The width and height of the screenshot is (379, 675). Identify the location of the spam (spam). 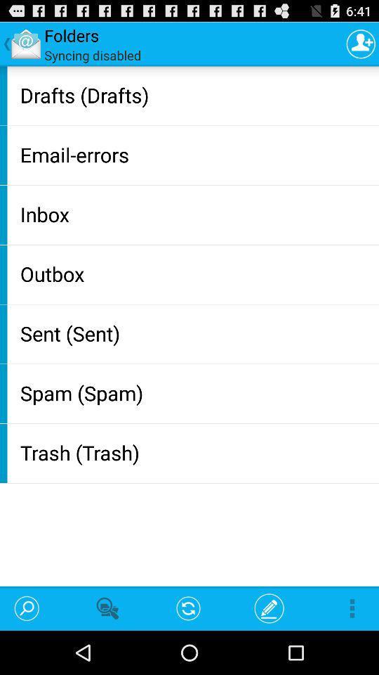
(196, 392).